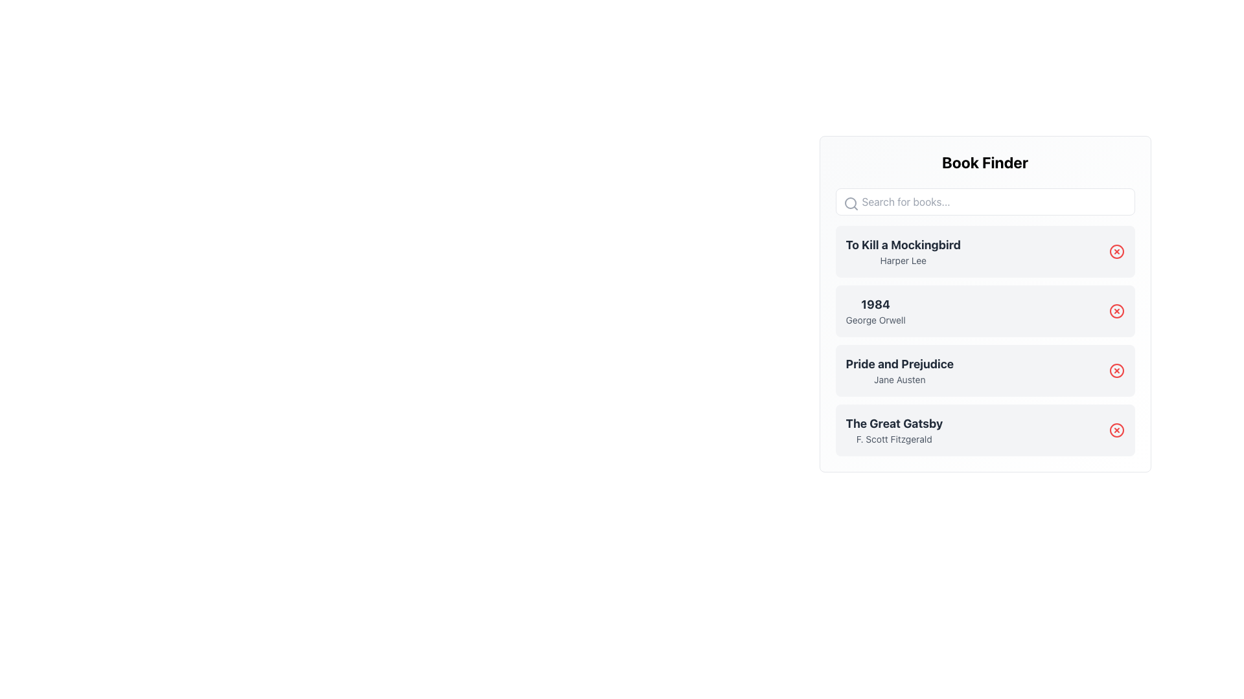  I want to click on the text label displaying 'The Great Gatsby' which is bold and dark gray, located above 'F. Scott Fitzgerald' in the fourth book entry under 'Book Finder', so click(893, 424).